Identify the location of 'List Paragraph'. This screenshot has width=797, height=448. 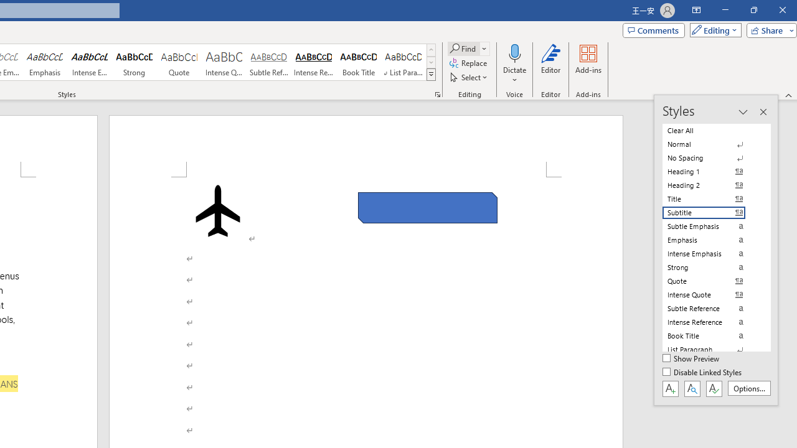
(711, 349).